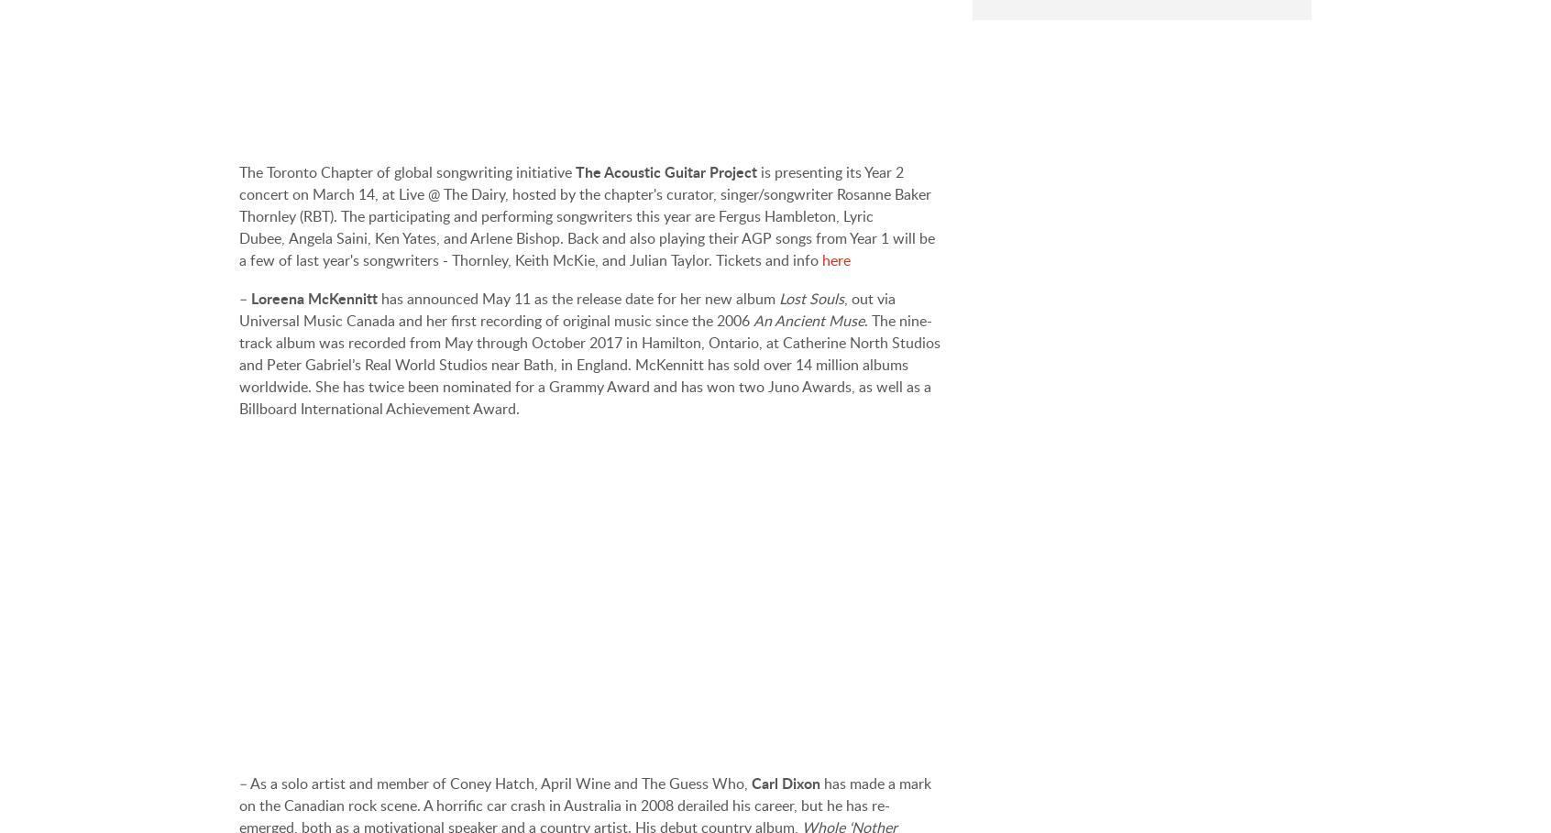  What do you see at coordinates (593, 298) in the screenshot?
I see `'announced May 11 as the release date for her new album'` at bounding box center [593, 298].